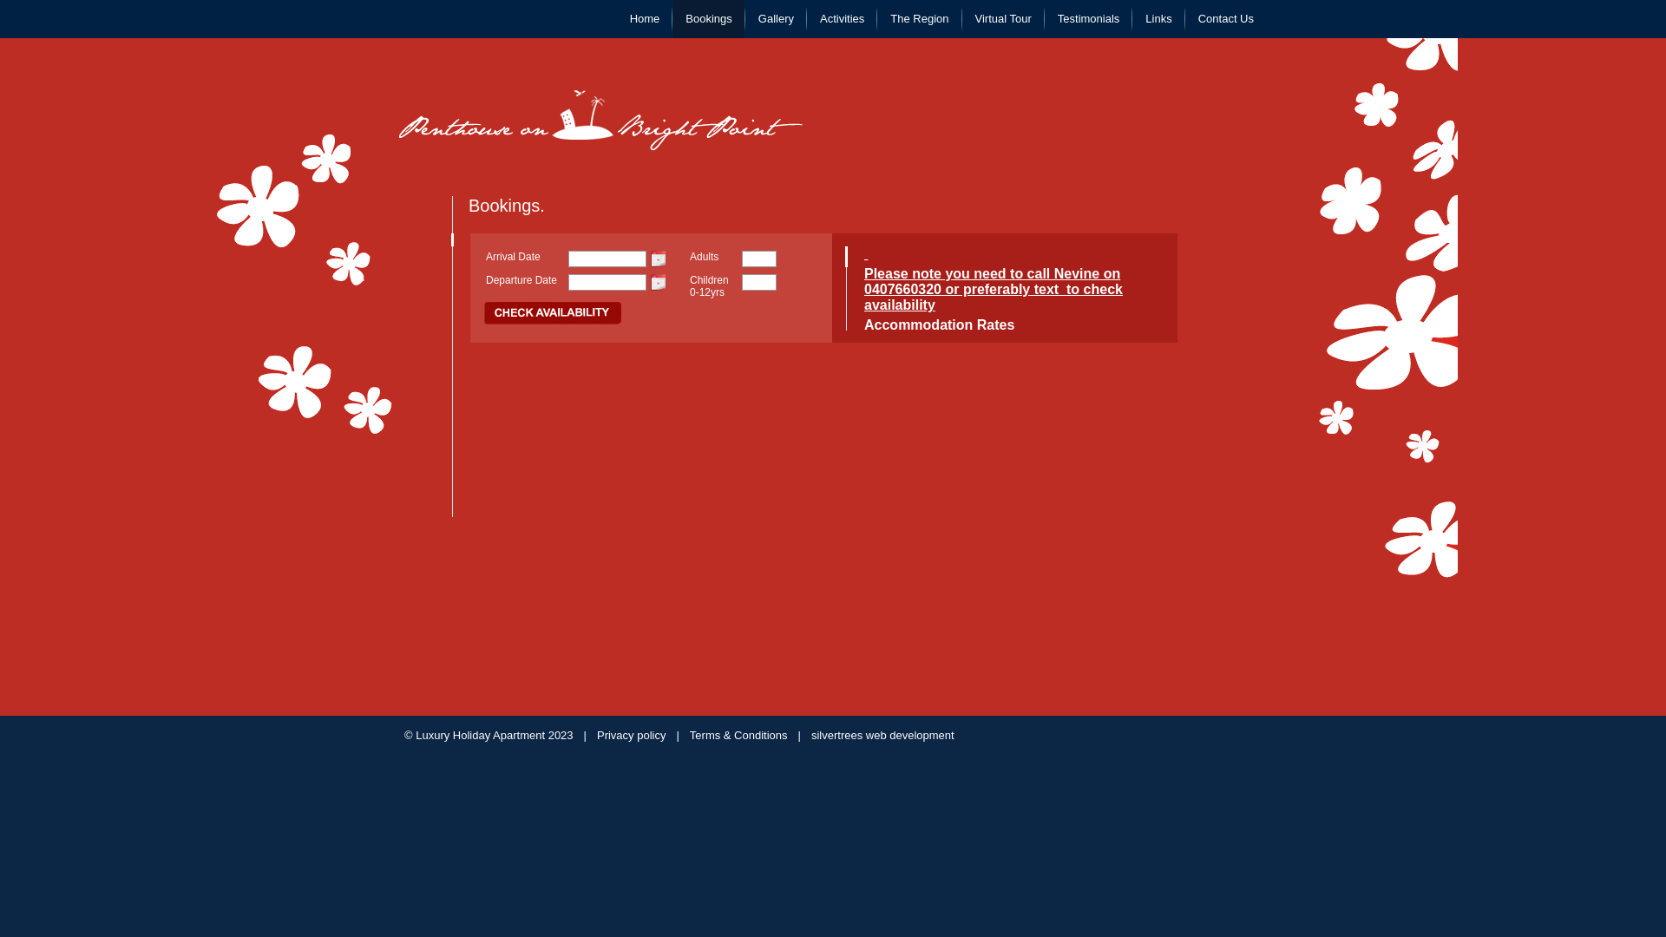 The width and height of the screenshot is (1666, 937). What do you see at coordinates (1158, 19) in the screenshot?
I see `'Links'` at bounding box center [1158, 19].